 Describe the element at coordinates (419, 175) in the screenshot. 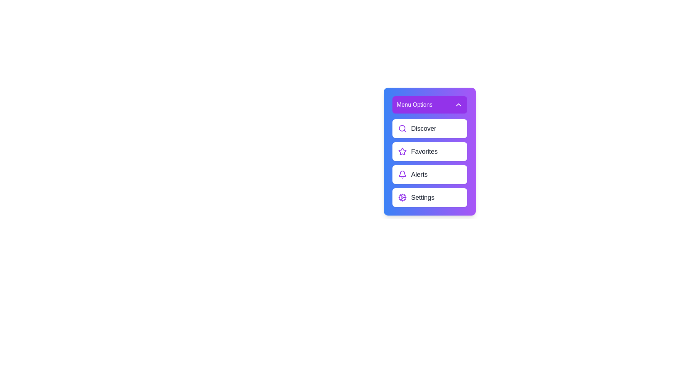

I see `the 'Alerts' text label displayed in a medium-sized, bold font within a white rectangular area, located between 'Favorites' and 'Settings'` at that location.